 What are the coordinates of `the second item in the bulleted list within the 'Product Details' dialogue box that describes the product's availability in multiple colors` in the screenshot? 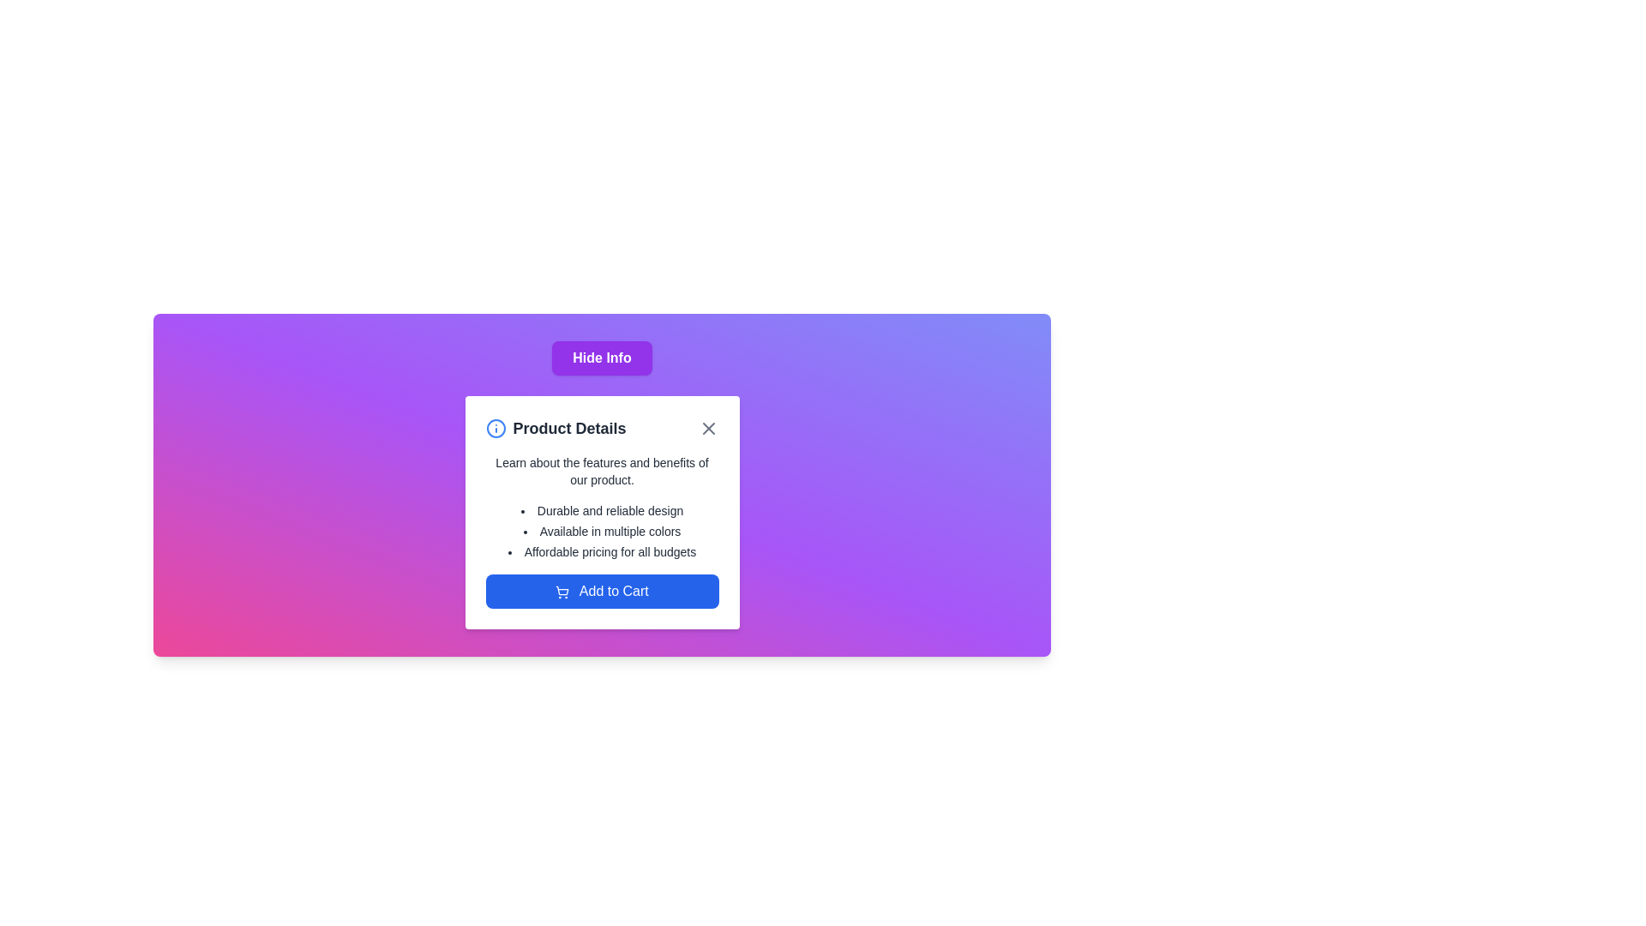 It's located at (602, 531).